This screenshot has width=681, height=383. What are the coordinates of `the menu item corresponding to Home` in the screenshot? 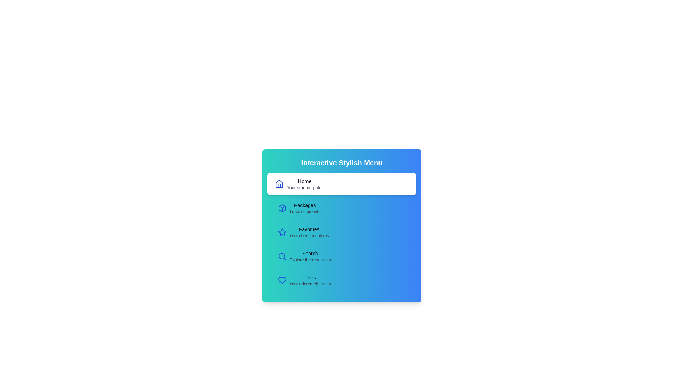 It's located at (342, 184).